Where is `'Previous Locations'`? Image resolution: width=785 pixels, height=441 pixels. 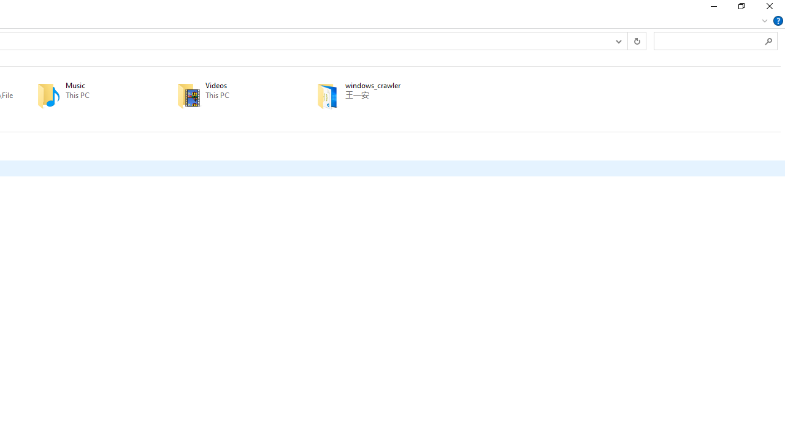
'Previous Locations' is located at coordinates (618, 40).